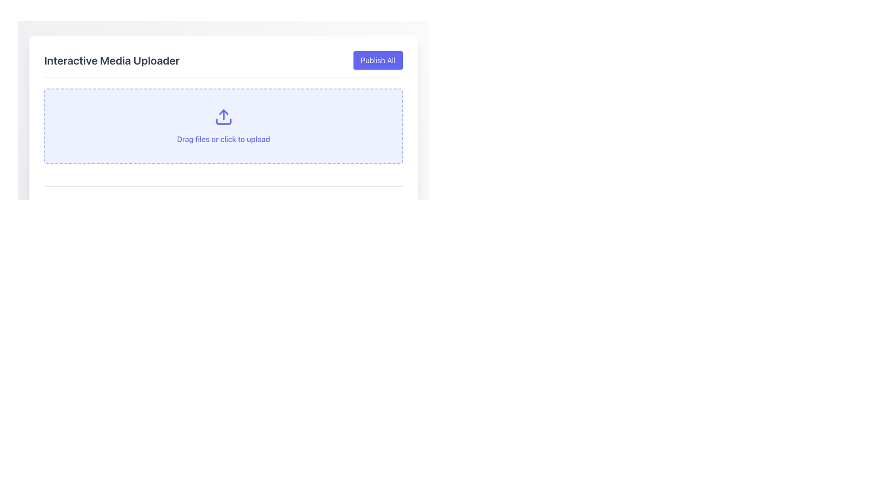  Describe the element at coordinates (111, 60) in the screenshot. I see `the Text label that serves as a header for the media uploader interface, located at the top-left corner, preceding the 'Publish All' button` at that location.